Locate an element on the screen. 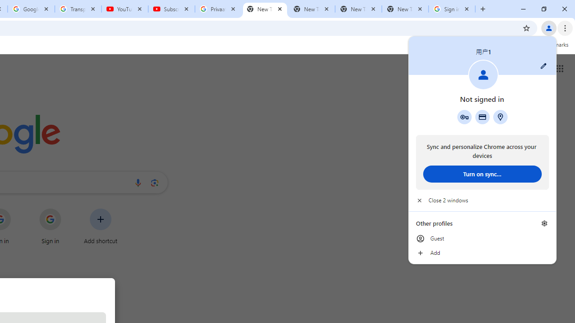 The height and width of the screenshot is (323, 575). 'Sign in - Google Accounts' is located at coordinates (452, 9).